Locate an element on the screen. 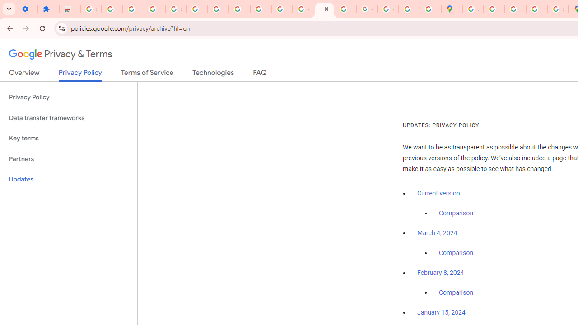 The image size is (578, 325). 'March 4, 2024' is located at coordinates (437, 233).